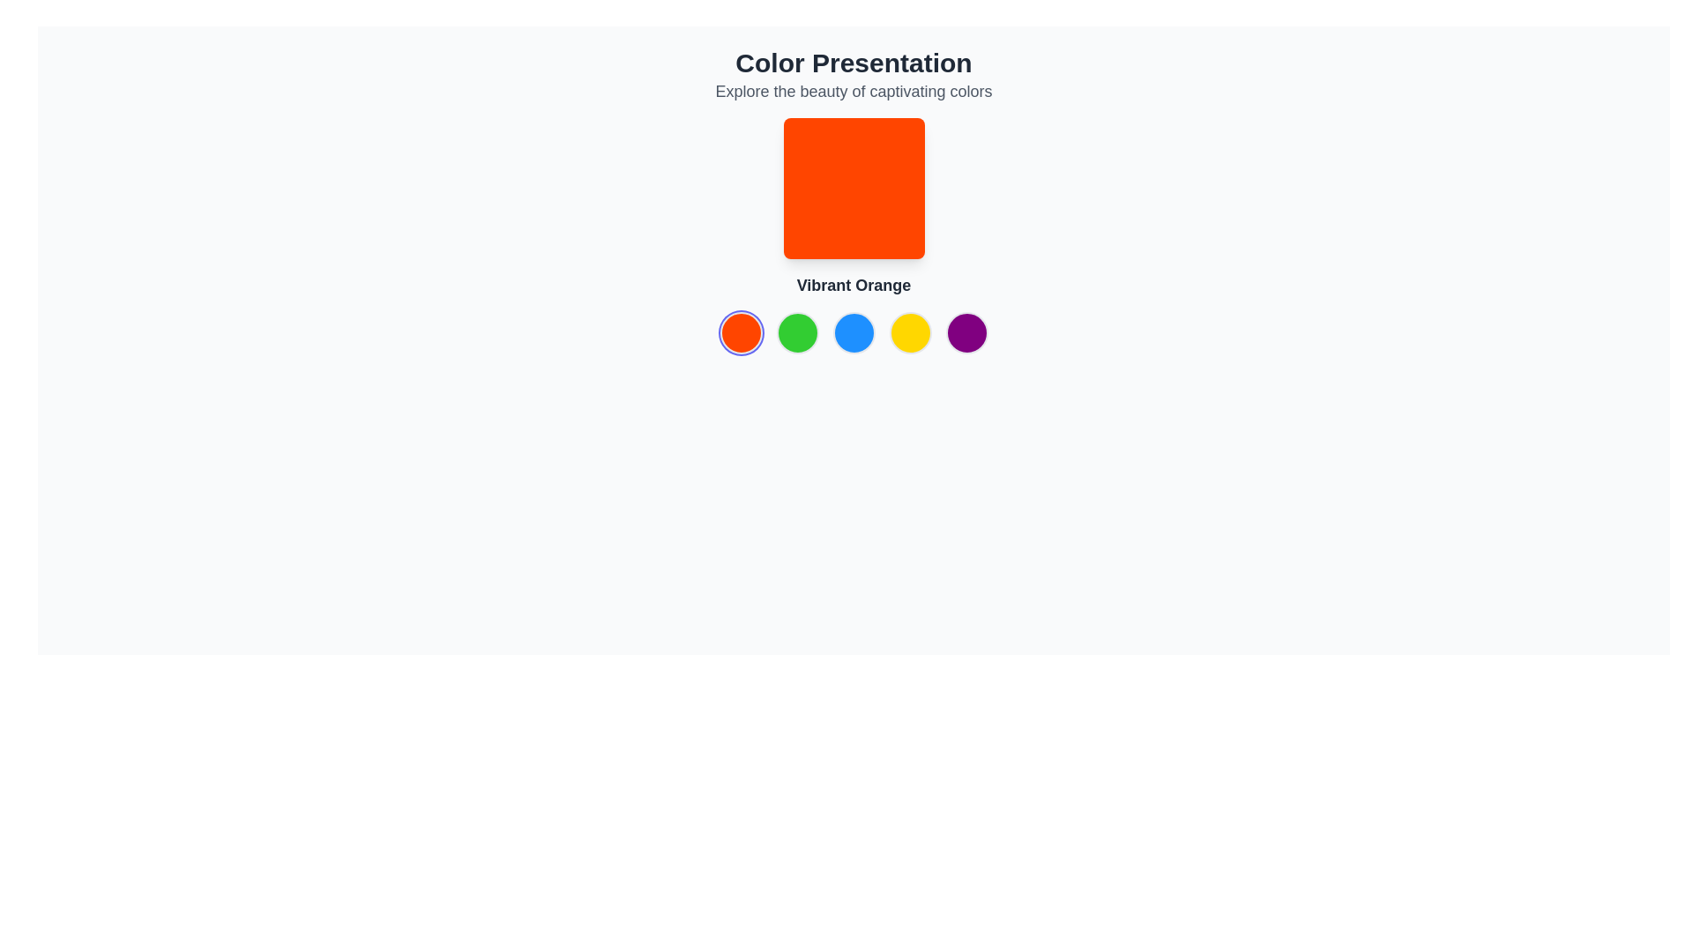  Describe the element at coordinates (966, 333) in the screenshot. I see `the circular button` at that location.